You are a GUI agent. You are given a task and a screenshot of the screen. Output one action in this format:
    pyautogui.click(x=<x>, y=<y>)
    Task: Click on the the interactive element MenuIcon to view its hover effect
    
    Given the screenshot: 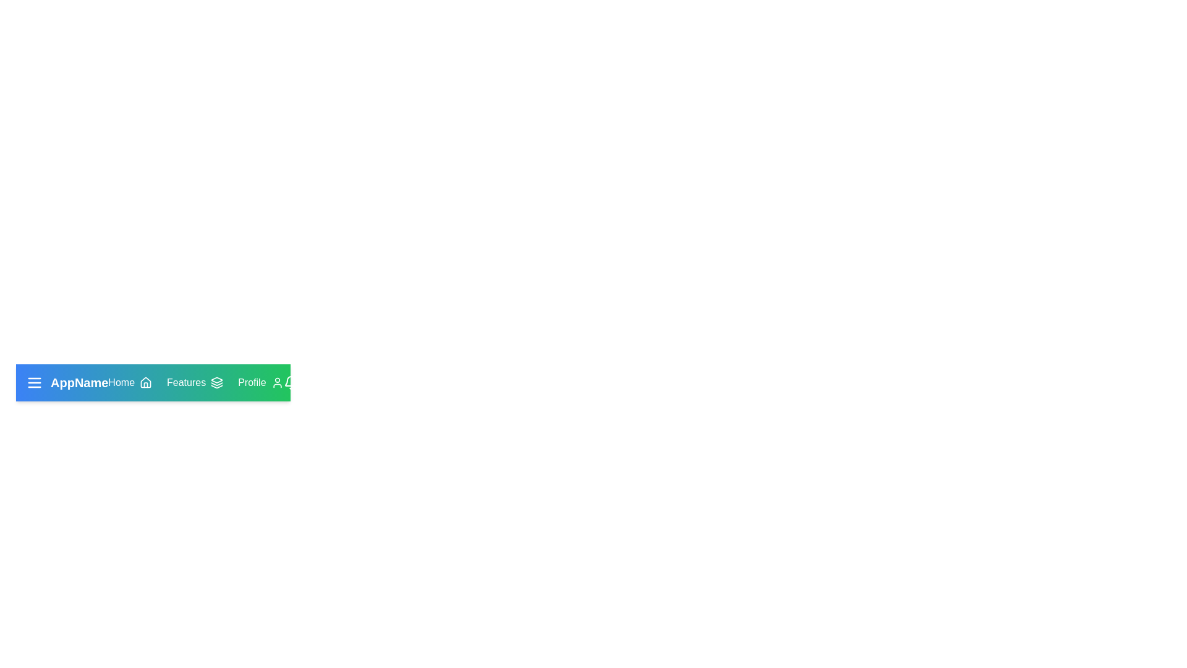 What is the action you would take?
    pyautogui.click(x=35, y=382)
    